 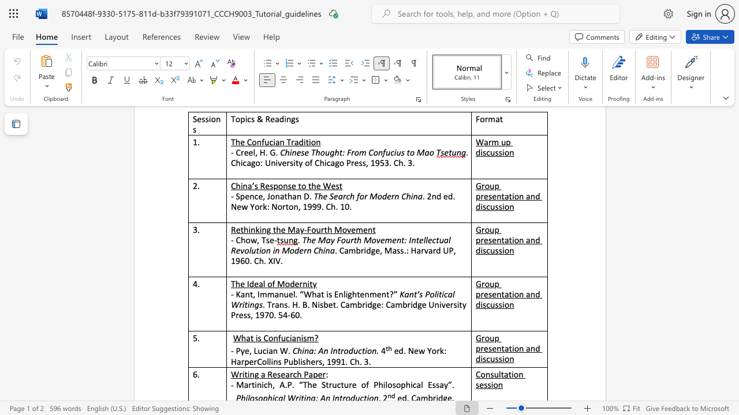 I want to click on the subset text "Res" within the text "a Research Paper", so click(x=267, y=374).